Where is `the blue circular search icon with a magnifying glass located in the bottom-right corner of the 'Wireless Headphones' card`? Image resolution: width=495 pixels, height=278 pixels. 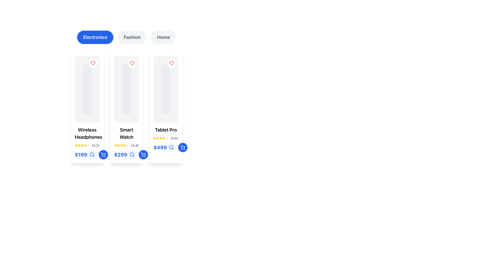 the blue circular search icon with a magnifying glass located in the bottom-right corner of the 'Wireless Headphones' card is located at coordinates (92, 154).